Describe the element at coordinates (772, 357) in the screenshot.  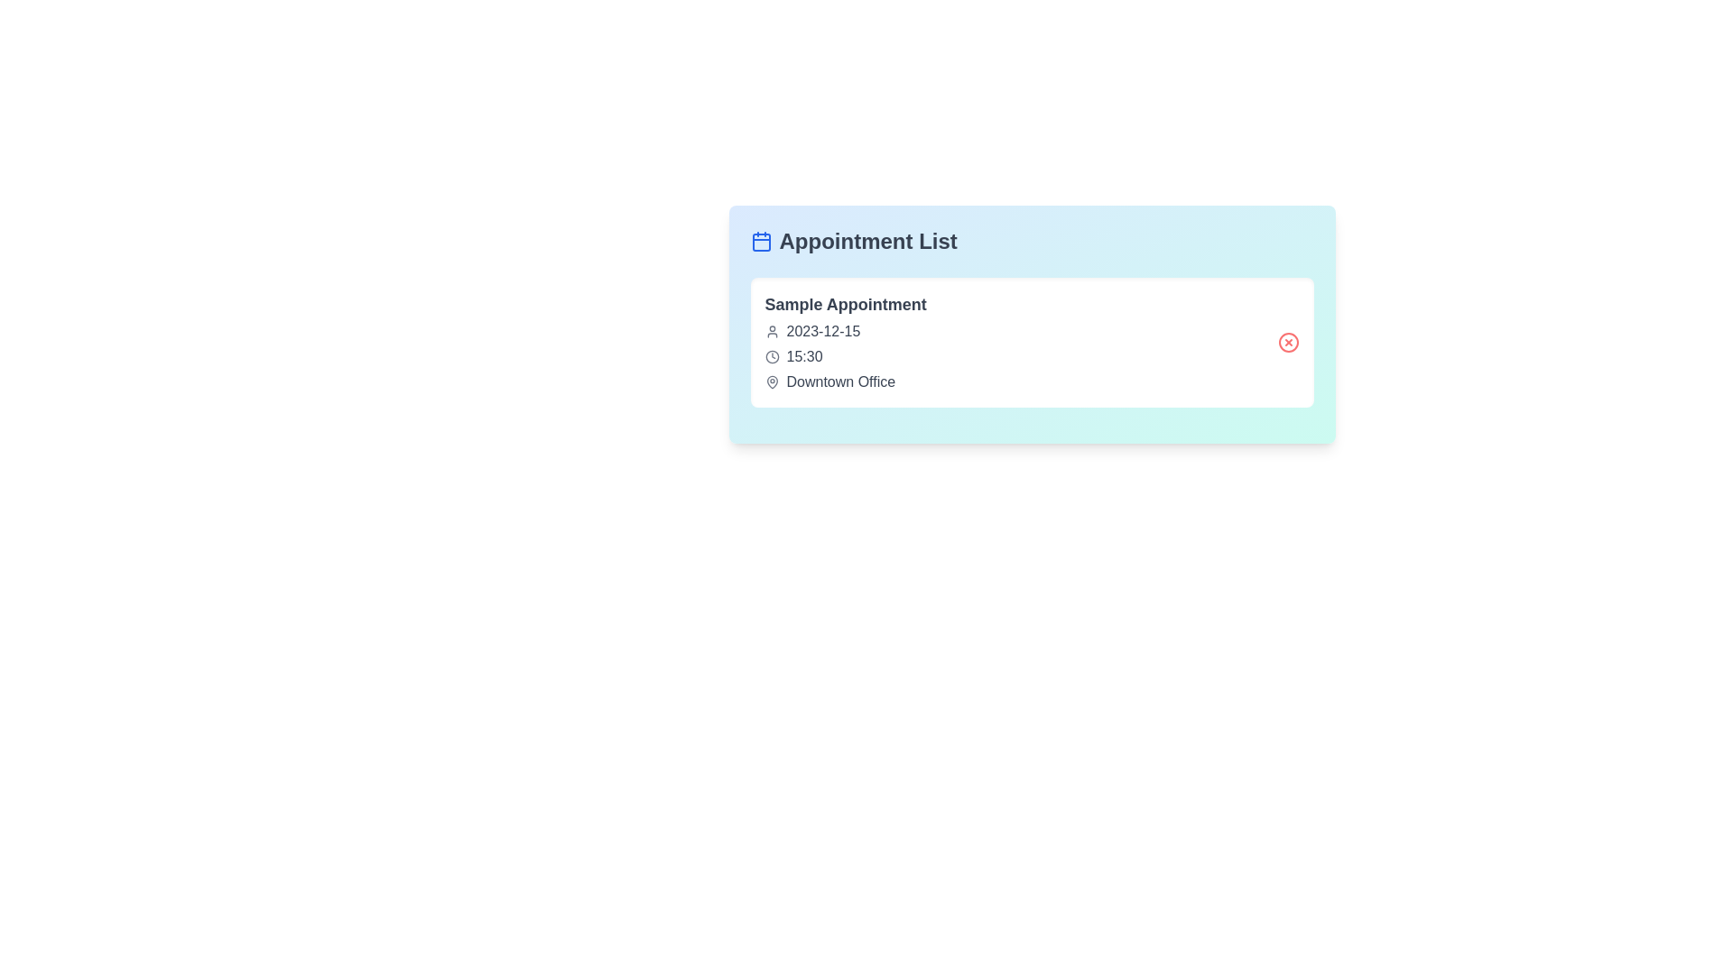
I see `the outermost circular shape of the clock icon which represents the clock face's border` at that location.